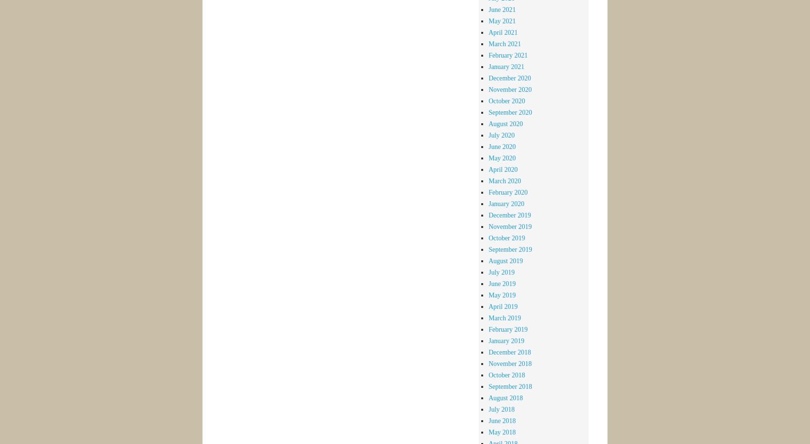  I want to click on 'November 2020', so click(510, 89).